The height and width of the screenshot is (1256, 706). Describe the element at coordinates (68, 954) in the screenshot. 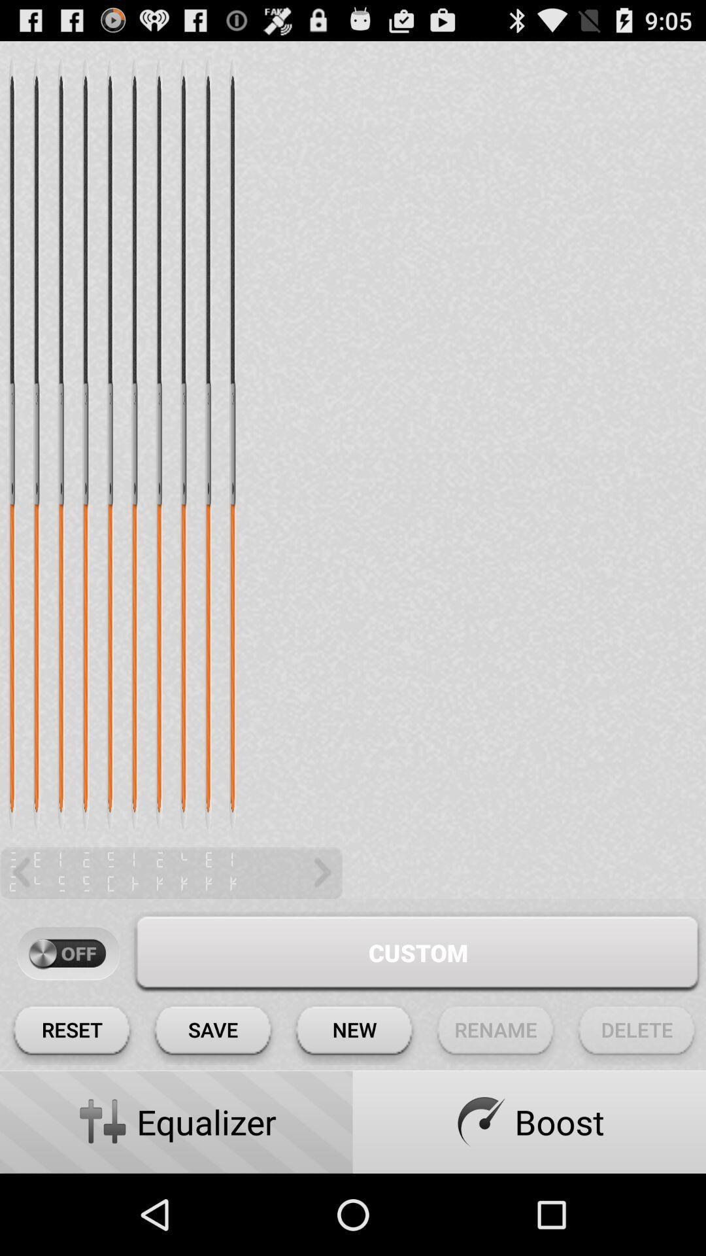

I see `turn off button` at that location.